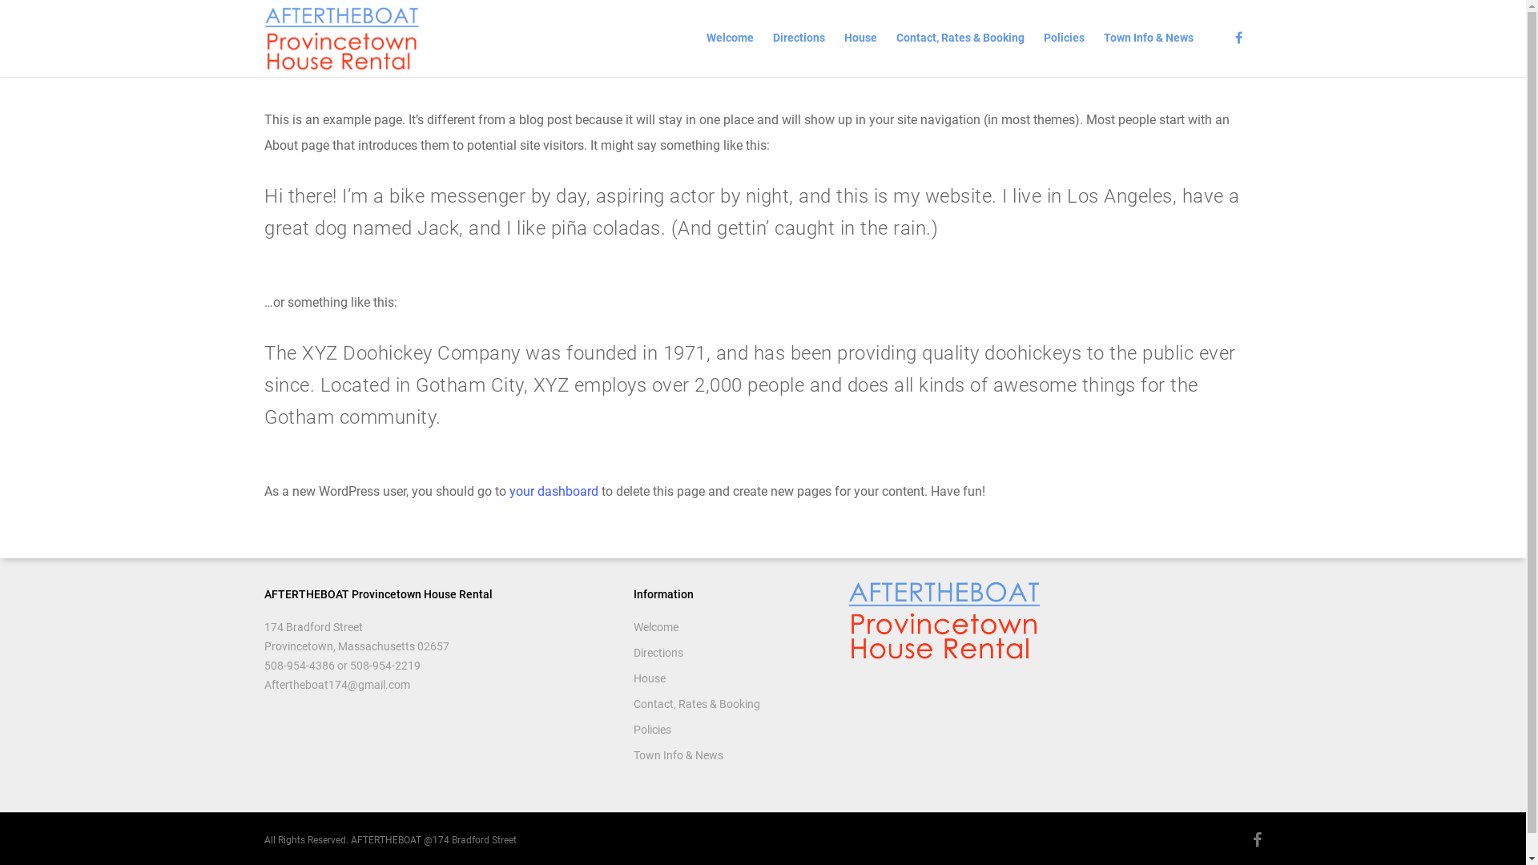 The image size is (1538, 865). What do you see at coordinates (336, 685) in the screenshot?
I see `'Aftertheboat174@gmail.com'` at bounding box center [336, 685].